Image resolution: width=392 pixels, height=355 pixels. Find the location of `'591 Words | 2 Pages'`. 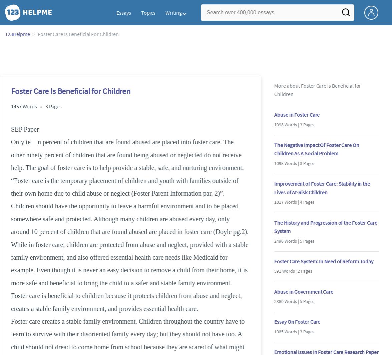

'591 Words | 2 Pages' is located at coordinates (293, 271).